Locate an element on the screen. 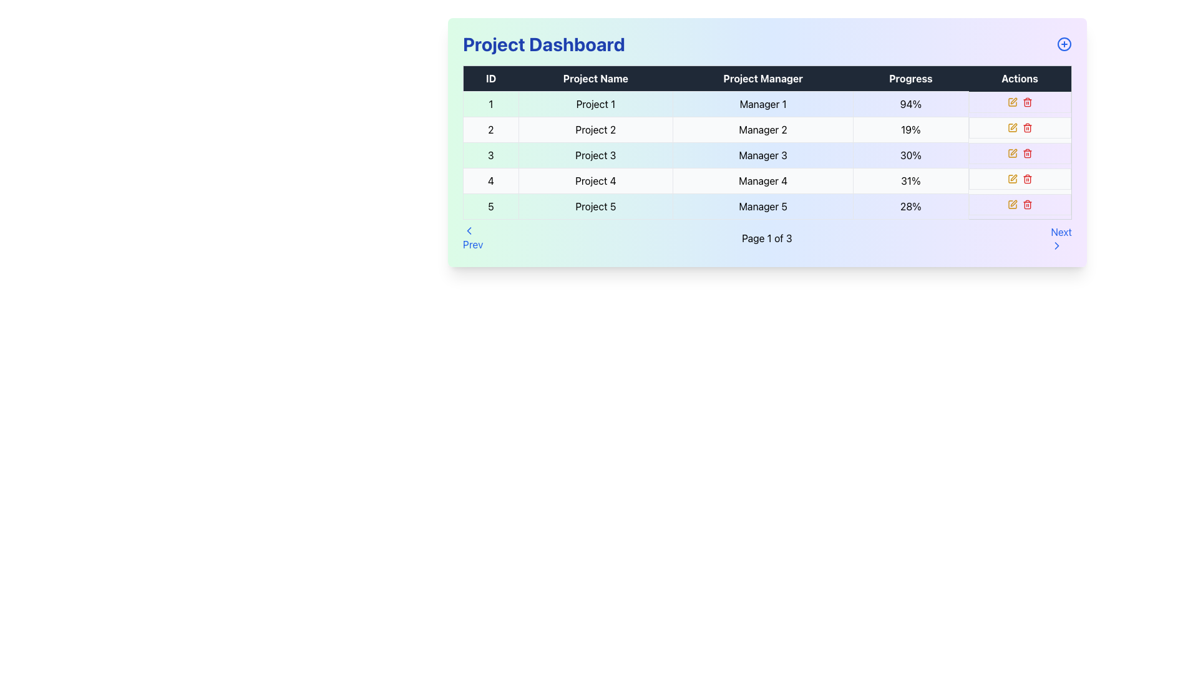 The image size is (1198, 674). the editing icon in the 'Actions' column for 'Project 2' to modify or update its information is located at coordinates (1012, 127).